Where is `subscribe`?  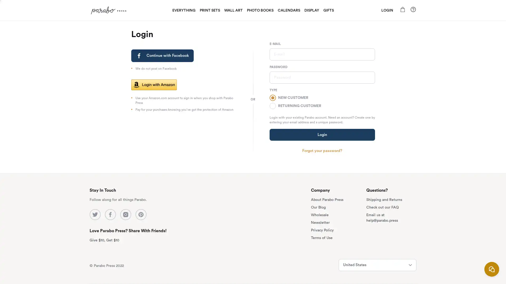 subscribe is located at coordinates (289, 202).